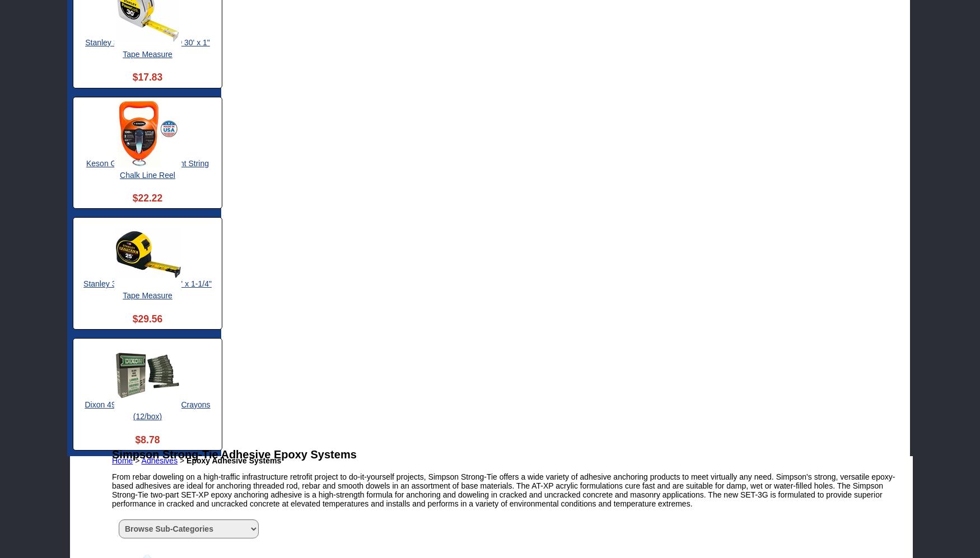 This screenshot has height=558, width=980. What do you see at coordinates (502, 489) in the screenshot?
I see `'From rebar doweling on a high-traffic infrastructure retrofit project to do-it-yourself projects,  Simpson Strong-Tie offers a wide variety of adhesive anchoring products to meet virtually any need.  Simpson's strong, versatile epoxy-based adhesives are ideal for anchoring threaded rod, rebar and smooth dowels in an assortment of base materials.  The AT-XP acrylic formulations cure fast and are suitable for damp, wet or water-filled holes.  The Simpson Strong-Tie two-part SET-XP epoxy anchoring adhesive is a high-strength formula for anchoring and doweling in cracked and uncracked concrete and masonry applications.  The new SET-3G is formulated to provide superior performance in cracked and uncracked concrete at elevated temperatures and installs and performs in a variety of environmental conditions and temperature extremes.'` at bounding box center [502, 489].